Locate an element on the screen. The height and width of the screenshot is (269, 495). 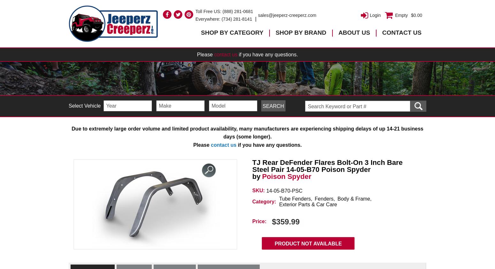
'Body & Frame' is located at coordinates (353, 199).